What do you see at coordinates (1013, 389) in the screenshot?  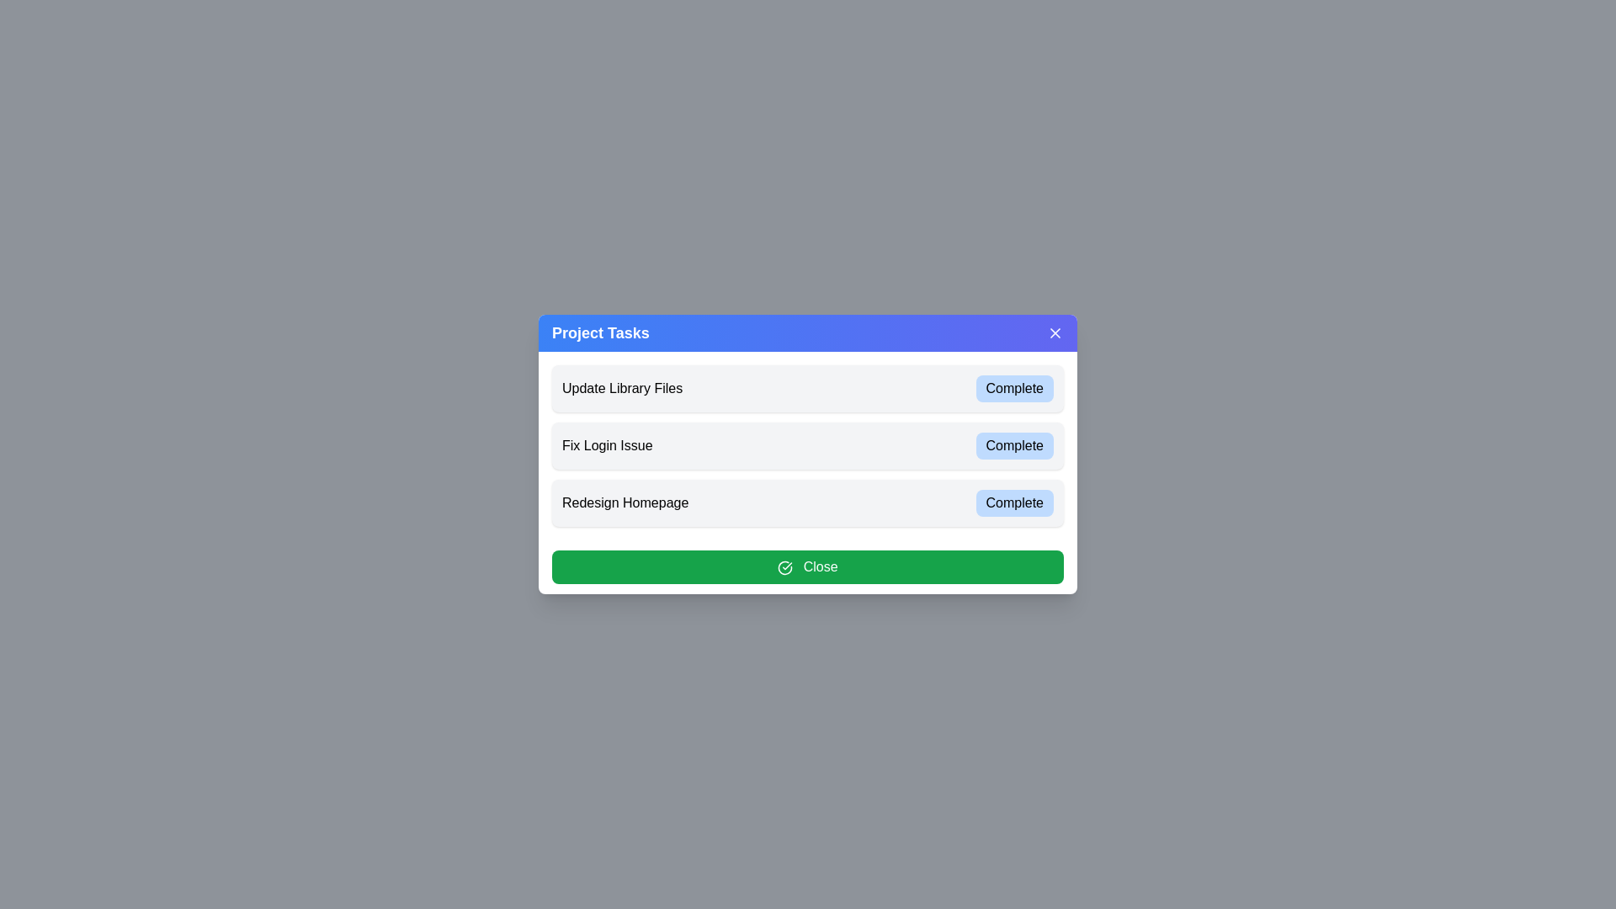 I see `the button on the right side of the first row in the task list within the 'Project Tasks' modal to mark the task 'Update Library Files' as complete` at bounding box center [1013, 389].